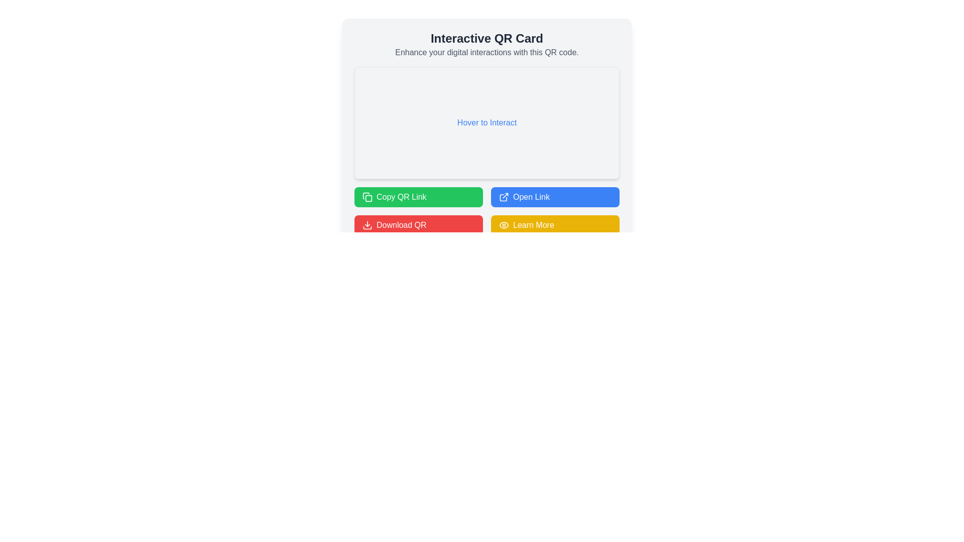  What do you see at coordinates (367, 224) in the screenshot?
I see `the download arrow icon inside the red 'Download QR' button` at bounding box center [367, 224].